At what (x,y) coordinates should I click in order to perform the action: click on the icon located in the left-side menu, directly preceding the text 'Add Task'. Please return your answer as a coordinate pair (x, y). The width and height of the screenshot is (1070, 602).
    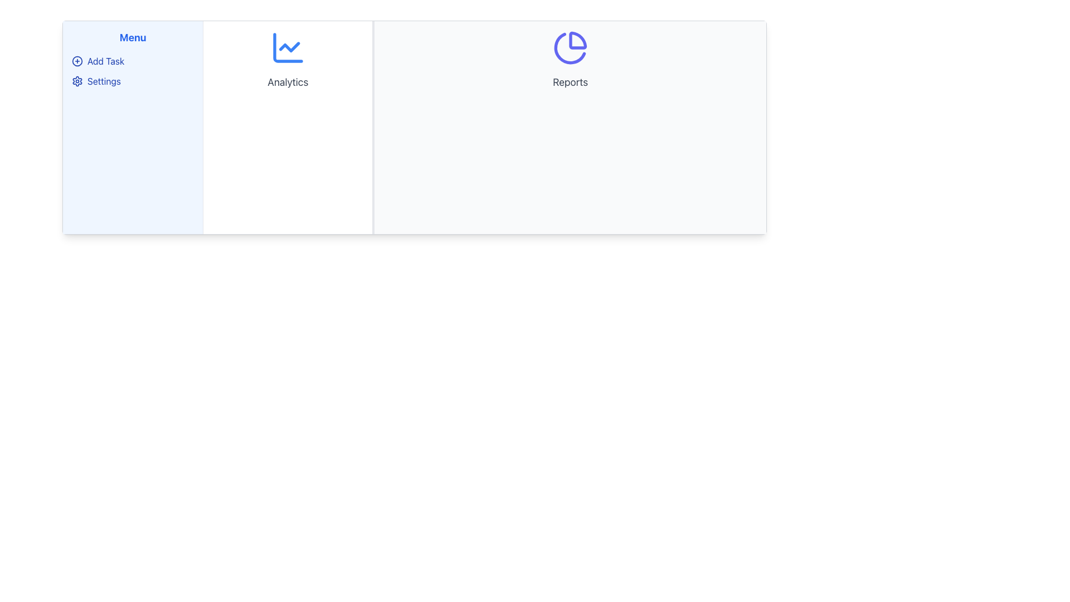
    Looking at the image, I should click on (77, 61).